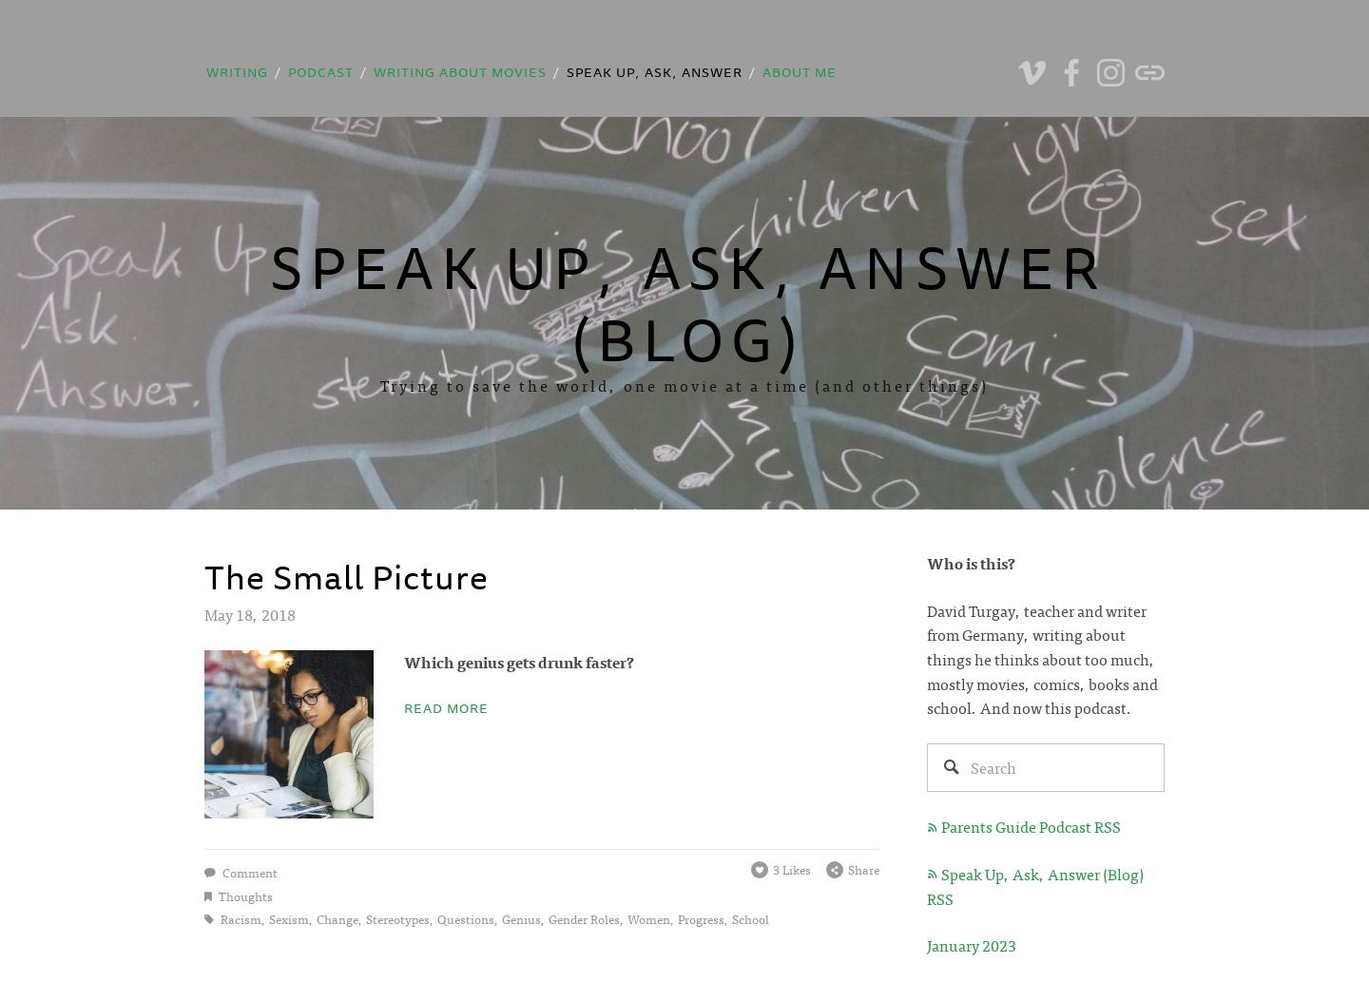  I want to click on 'questions', so click(435, 917).